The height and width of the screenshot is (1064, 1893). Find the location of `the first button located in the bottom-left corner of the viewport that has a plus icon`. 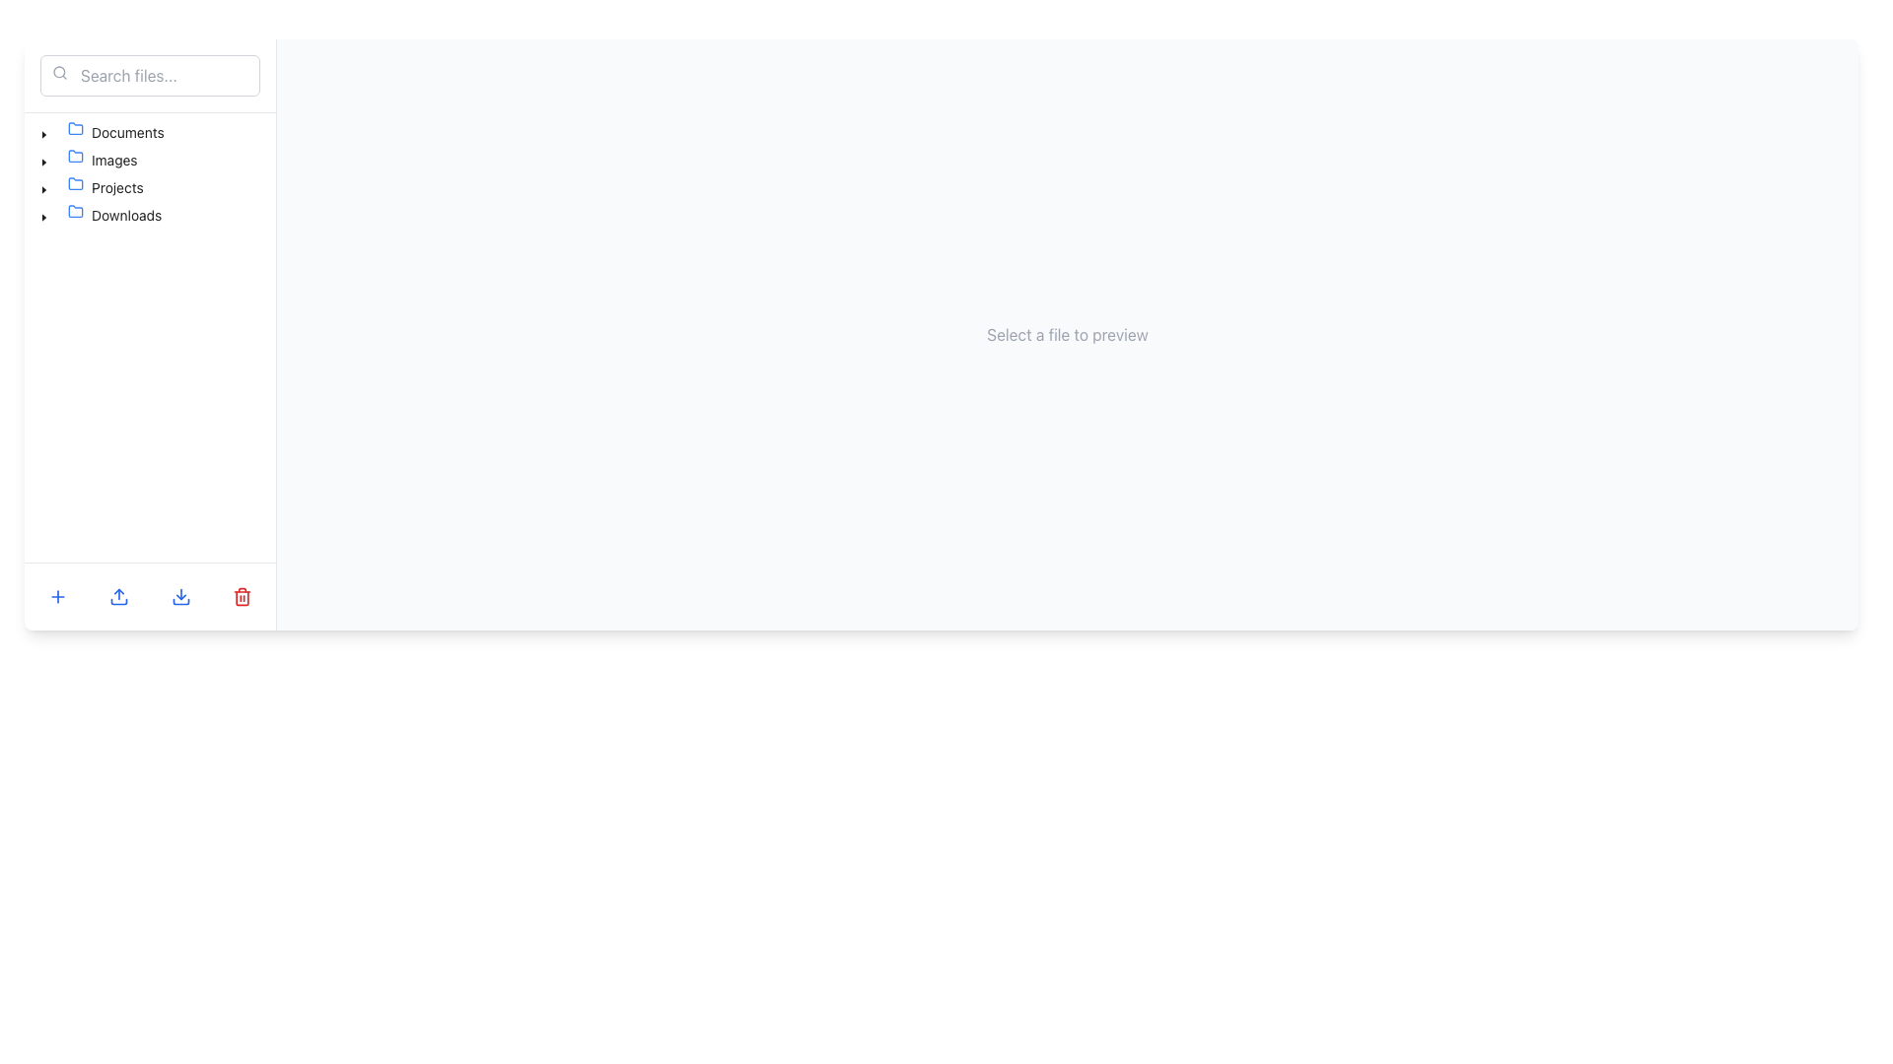

the first button located in the bottom-left corner of the viewport that has a plus icon is located at coordinates (57, 595).